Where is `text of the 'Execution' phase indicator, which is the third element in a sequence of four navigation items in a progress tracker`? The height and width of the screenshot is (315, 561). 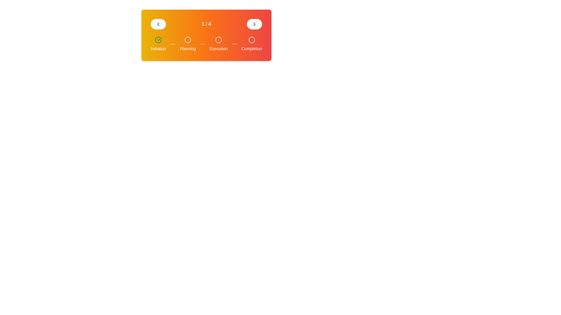
text of the 'Execution' phase indicator, which is the third element in a sequence of four navigation items in a progress tracker is located at coordinates (218, 43).